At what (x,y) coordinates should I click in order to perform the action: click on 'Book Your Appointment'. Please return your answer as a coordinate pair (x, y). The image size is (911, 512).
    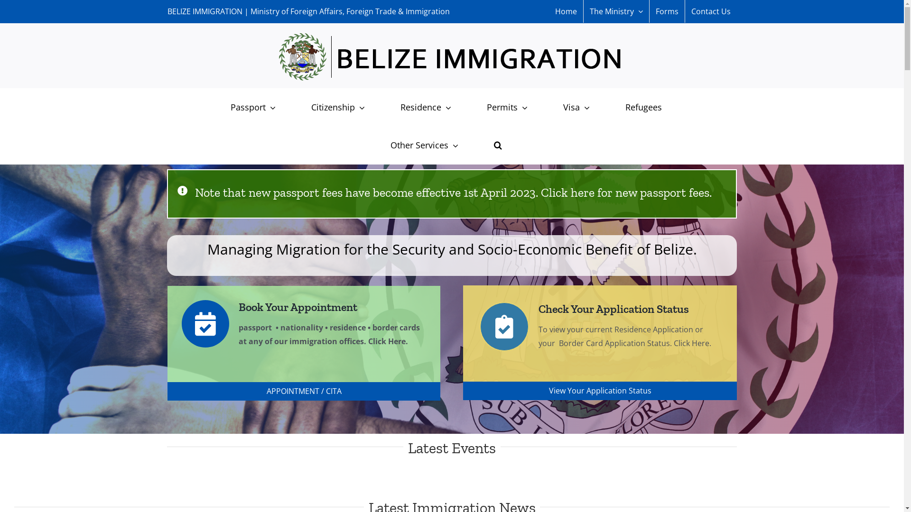
    Looking at the image, I should click on (269, 307).